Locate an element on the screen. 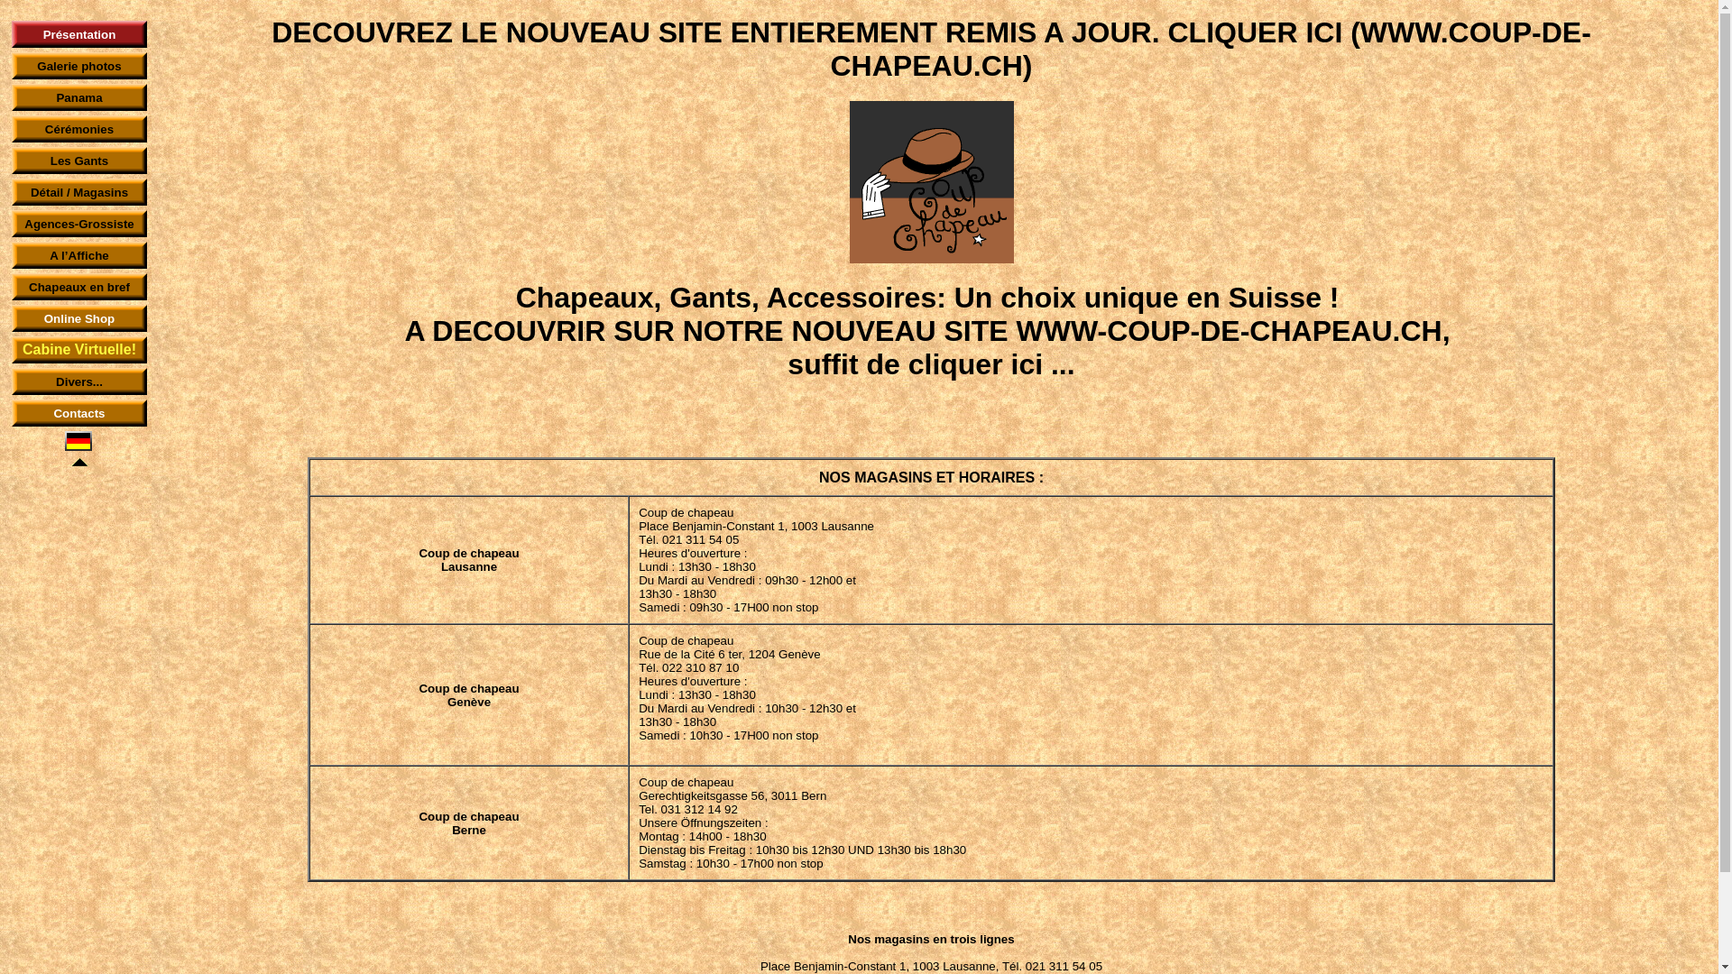  'Cabine Virtuelle!' is located at coordinates (78, 350).